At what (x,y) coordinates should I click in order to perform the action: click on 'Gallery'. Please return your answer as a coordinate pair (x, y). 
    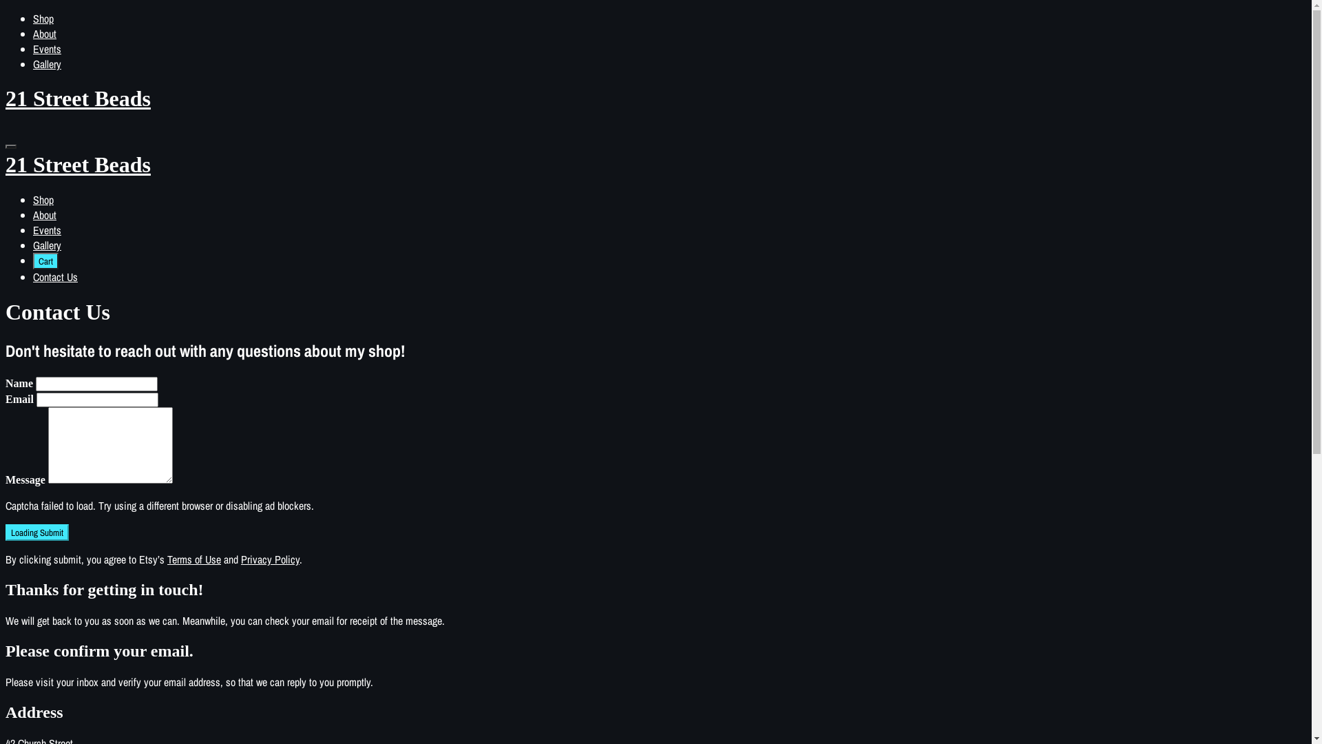
    Looking at the image, I should click on (33, 63).